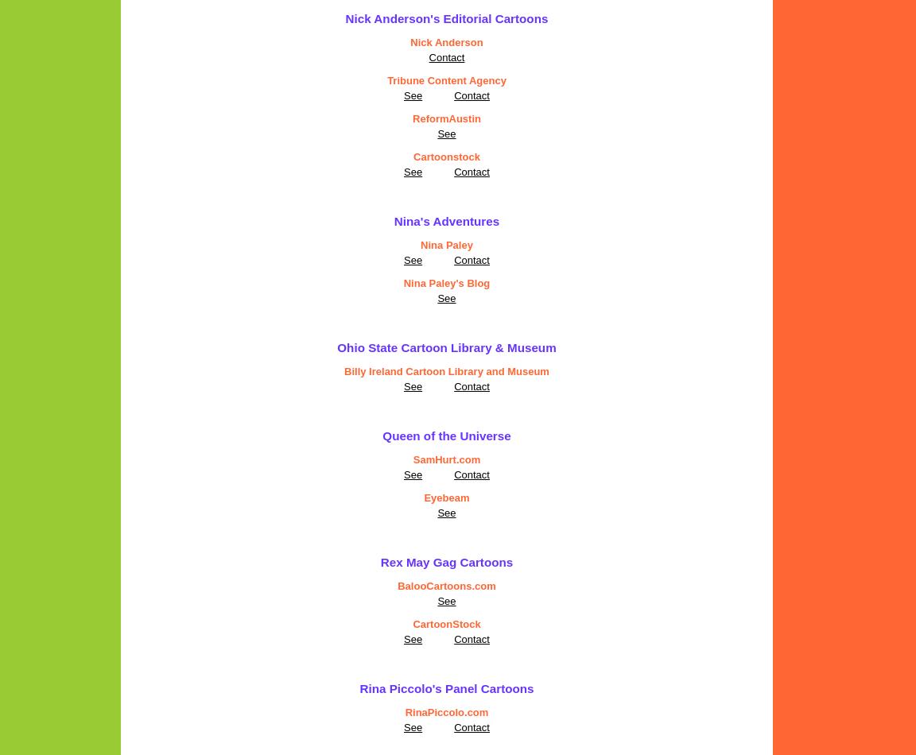  Describe the element at coordinates (446, 585) in the screenshot. I see `'BalooCartoons.com'` at that location.